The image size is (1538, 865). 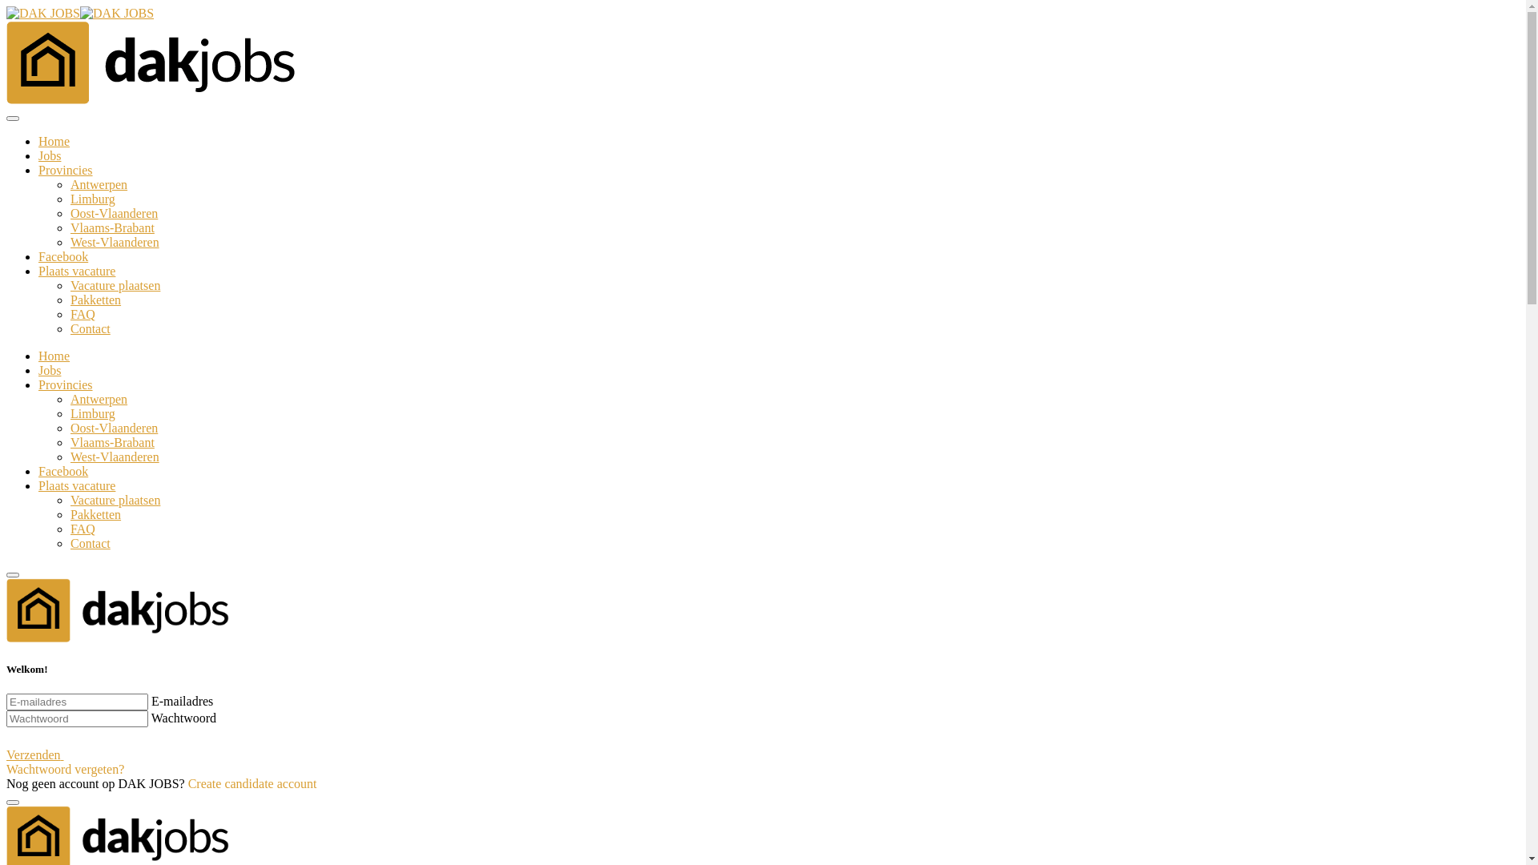 What do you see at coordinates (69, 427) in the screenshot?
I see `'Oost-Vlaanderen'` at bounding box center [69, 427].